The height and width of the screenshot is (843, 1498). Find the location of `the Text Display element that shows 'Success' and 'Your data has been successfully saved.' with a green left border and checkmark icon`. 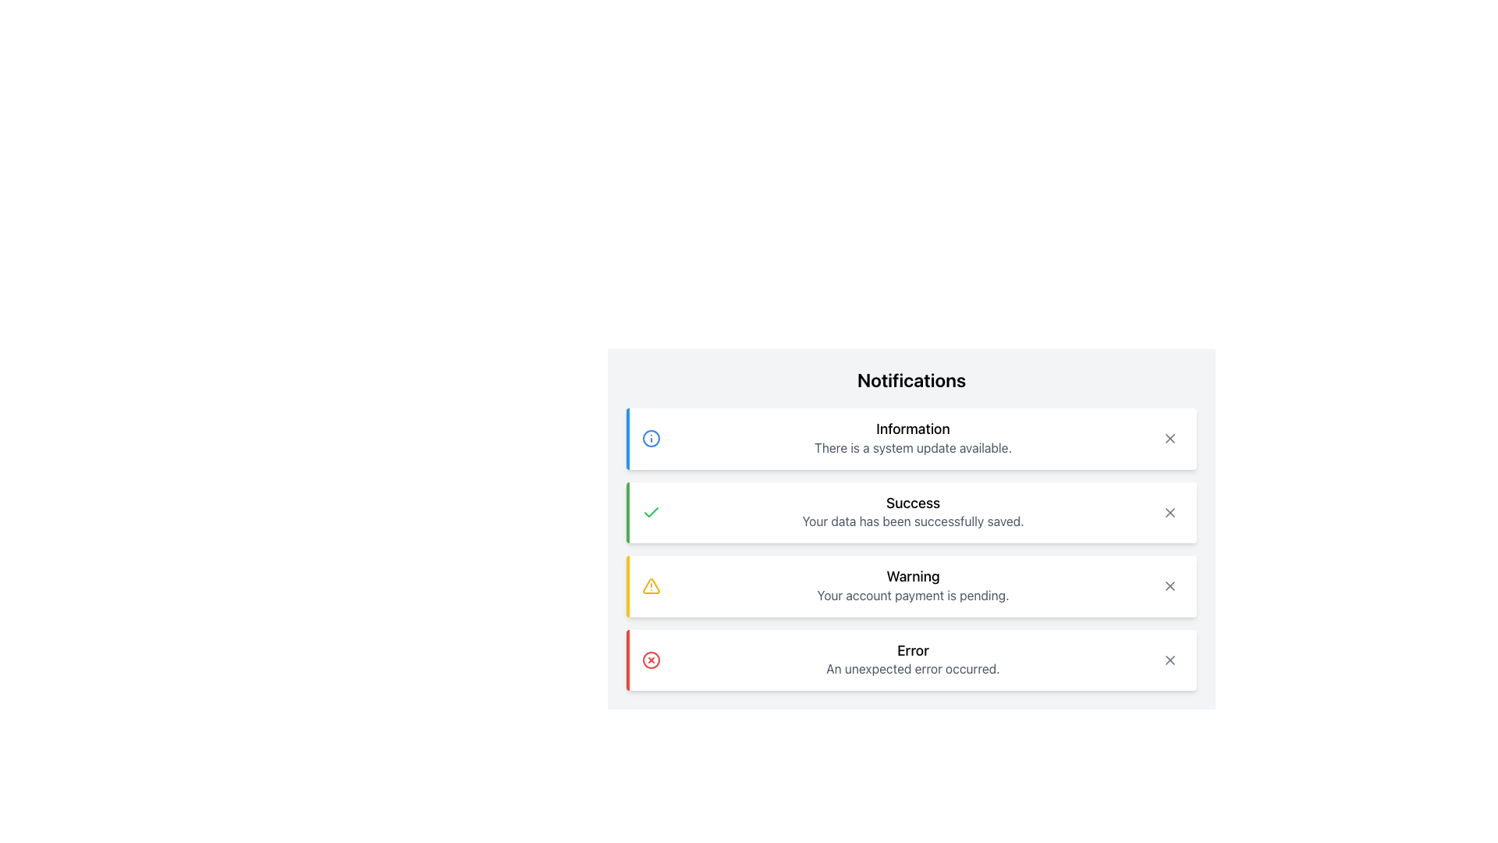

the Text Display element that shows 'Success' and 'Your data has been successfully saved.' with a green left border and checkmark icon is located at coordinates (913, 512).